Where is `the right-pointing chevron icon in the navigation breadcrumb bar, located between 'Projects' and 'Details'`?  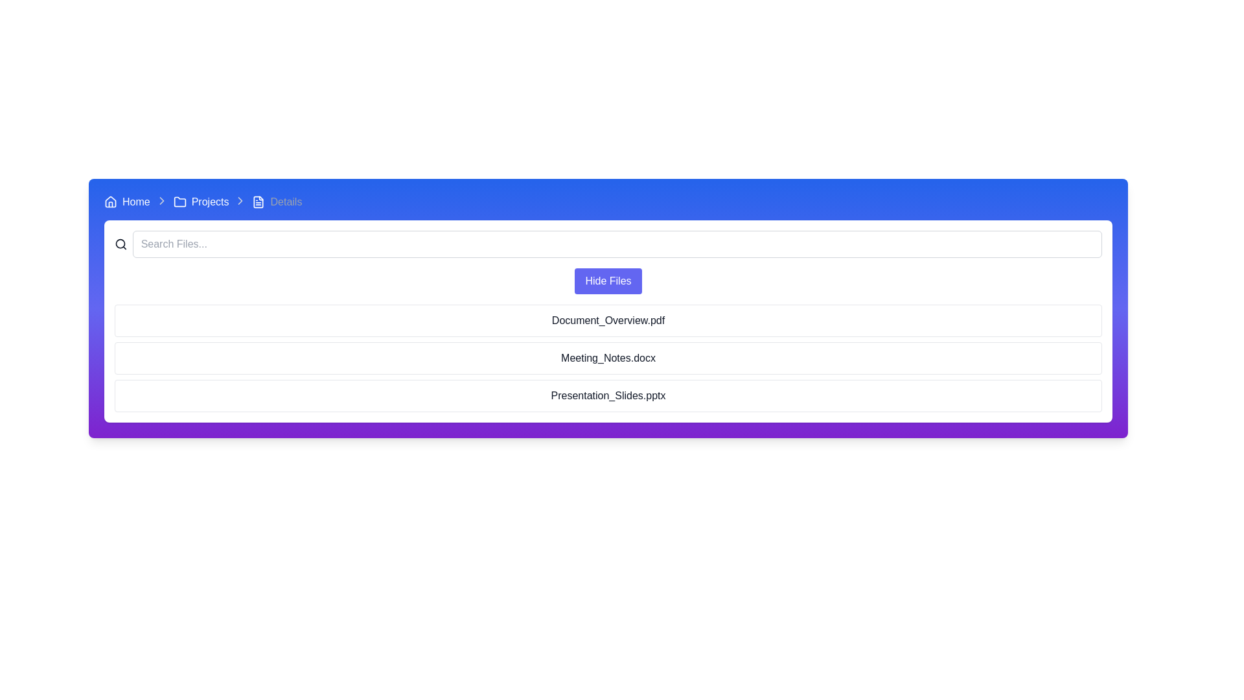
the right-pointing chevron icon in the navigation breadcrumb bar, located between 'Projects' and 'Details' is located at coordinates (240, 200).